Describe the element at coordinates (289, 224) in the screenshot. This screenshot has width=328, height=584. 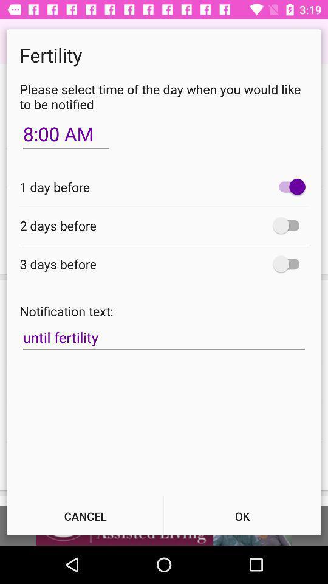
I see `item to the right of the 2 days before` at that location.